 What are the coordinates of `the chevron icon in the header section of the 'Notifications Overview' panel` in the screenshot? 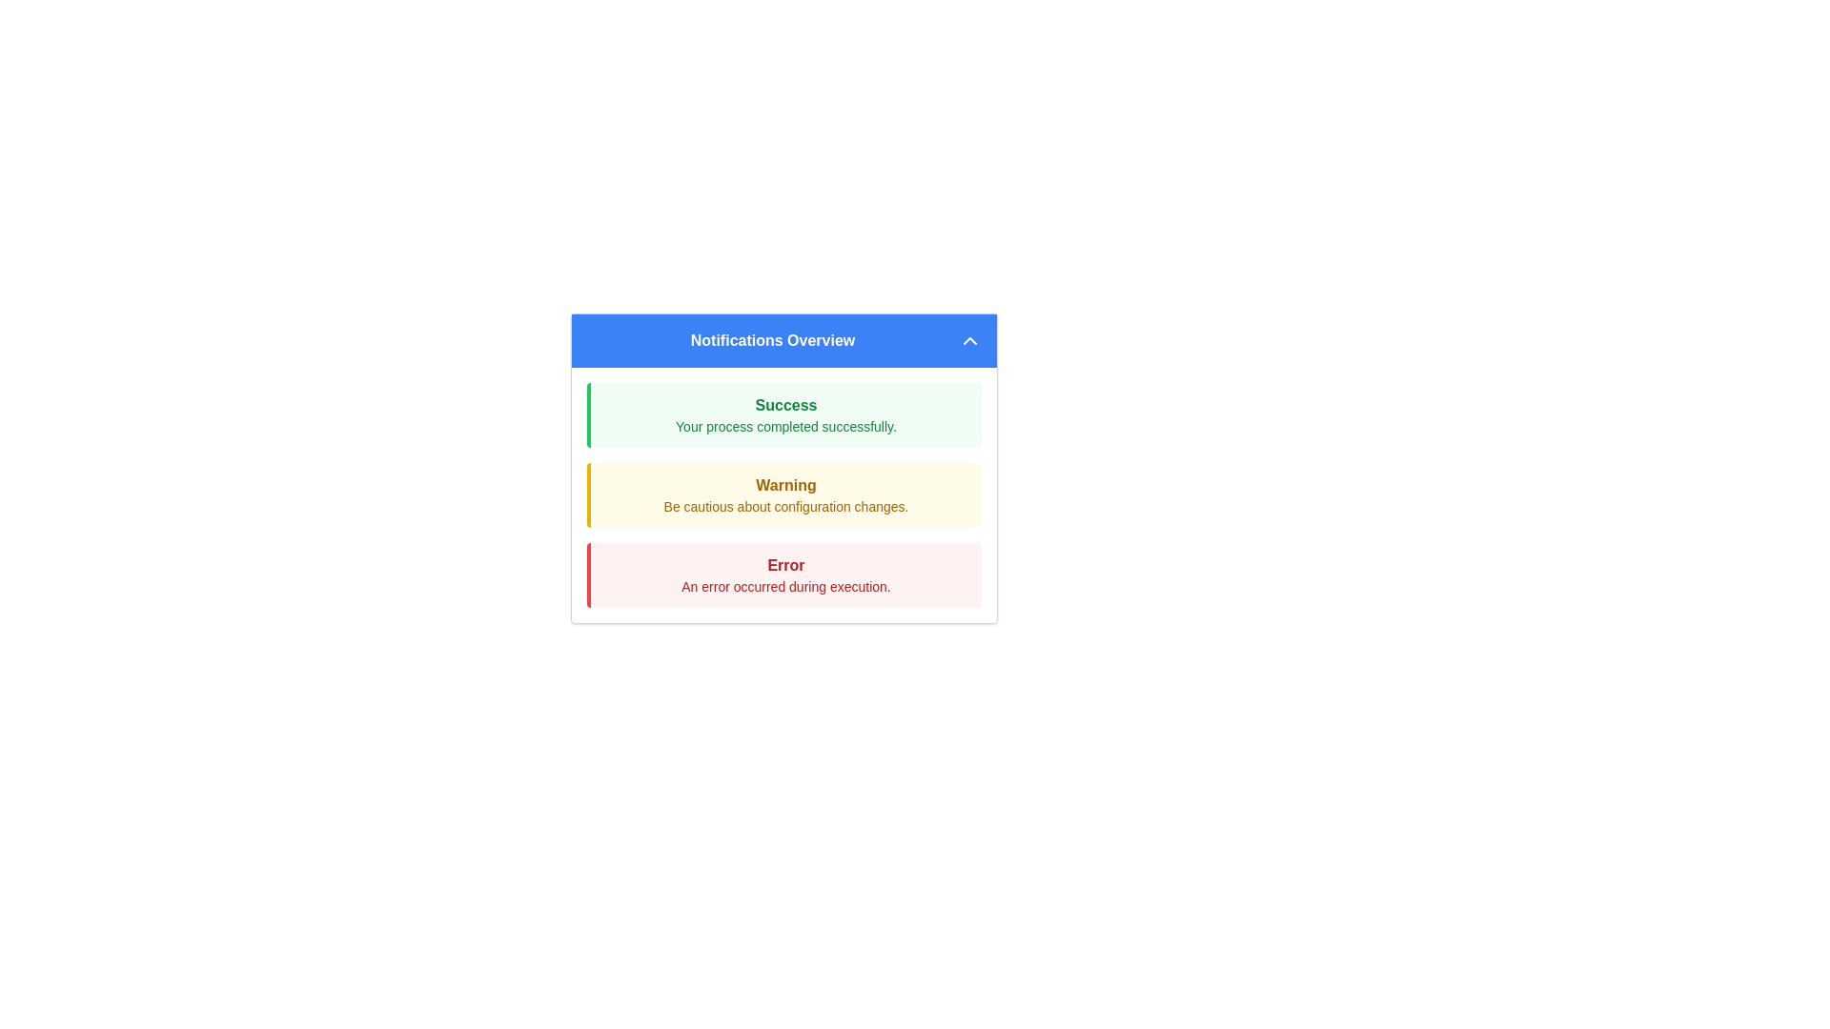 It's located at (969, 340).